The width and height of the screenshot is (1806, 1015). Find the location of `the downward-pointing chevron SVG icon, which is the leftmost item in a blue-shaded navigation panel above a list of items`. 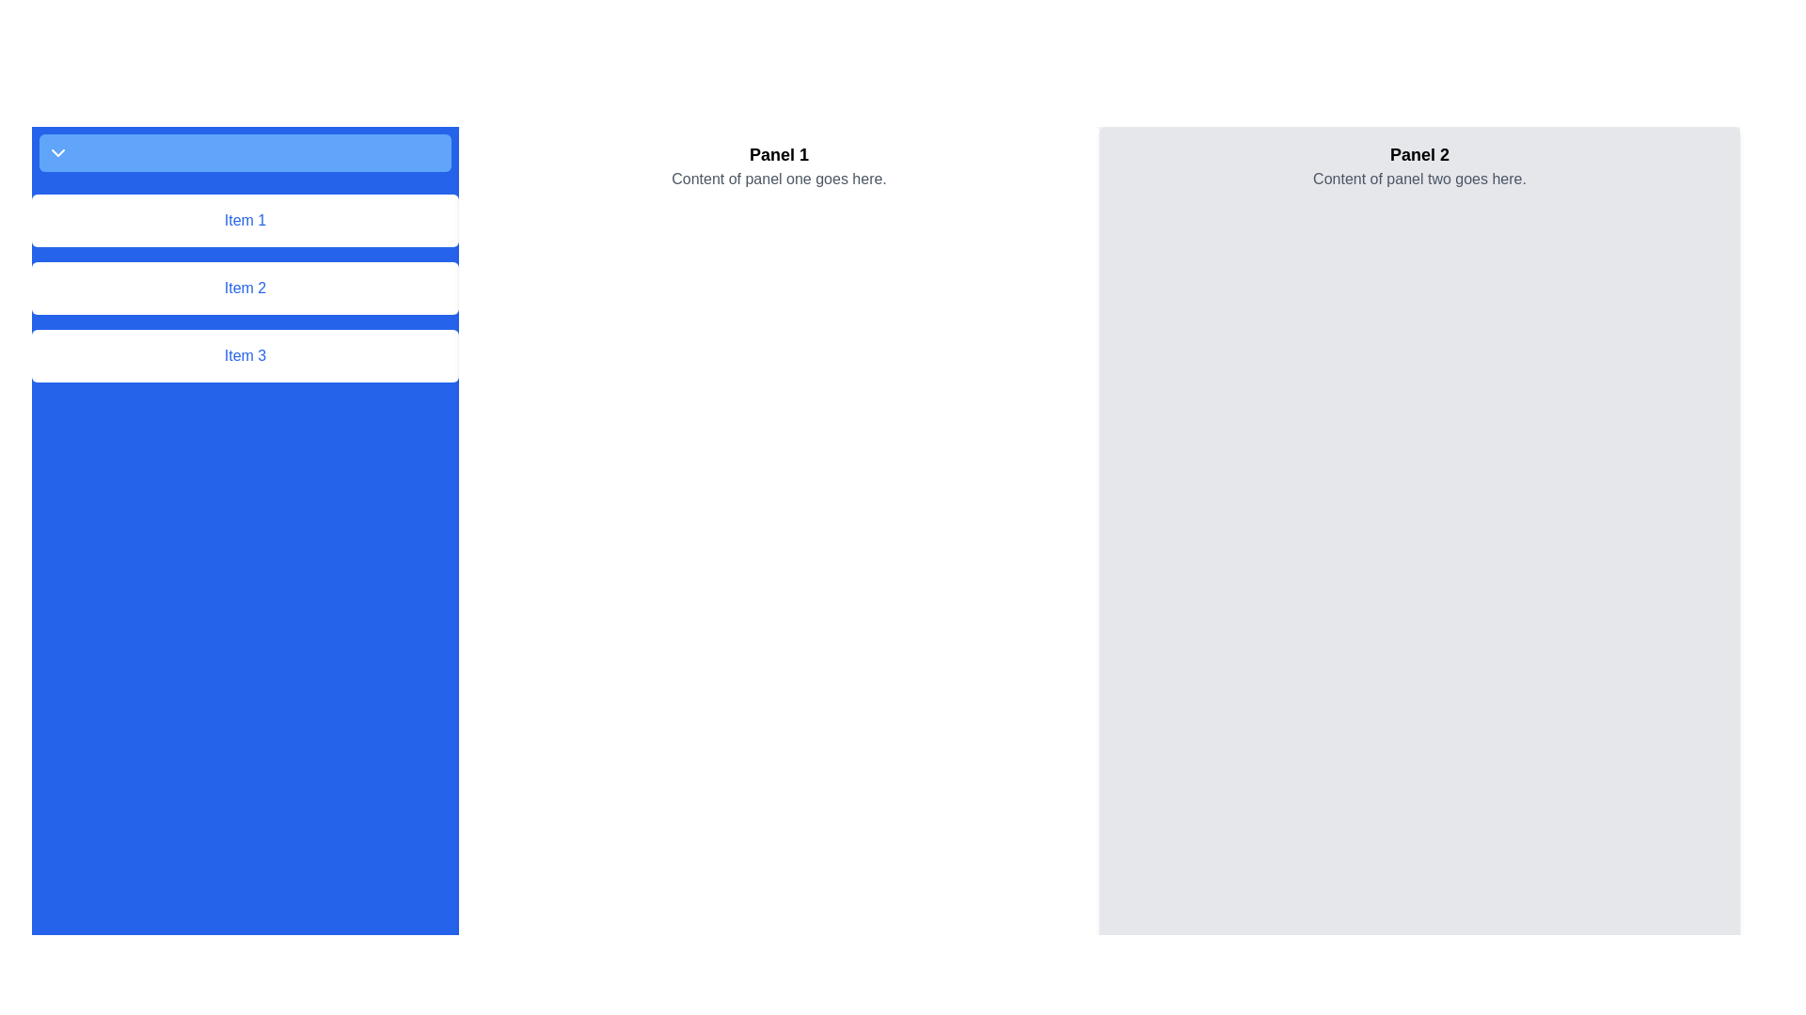

the downward-pointing chevron SVG icon, which is the leftmost item in a blue-shaded navigation panel above a list of items is located at coordinates (58, 151).